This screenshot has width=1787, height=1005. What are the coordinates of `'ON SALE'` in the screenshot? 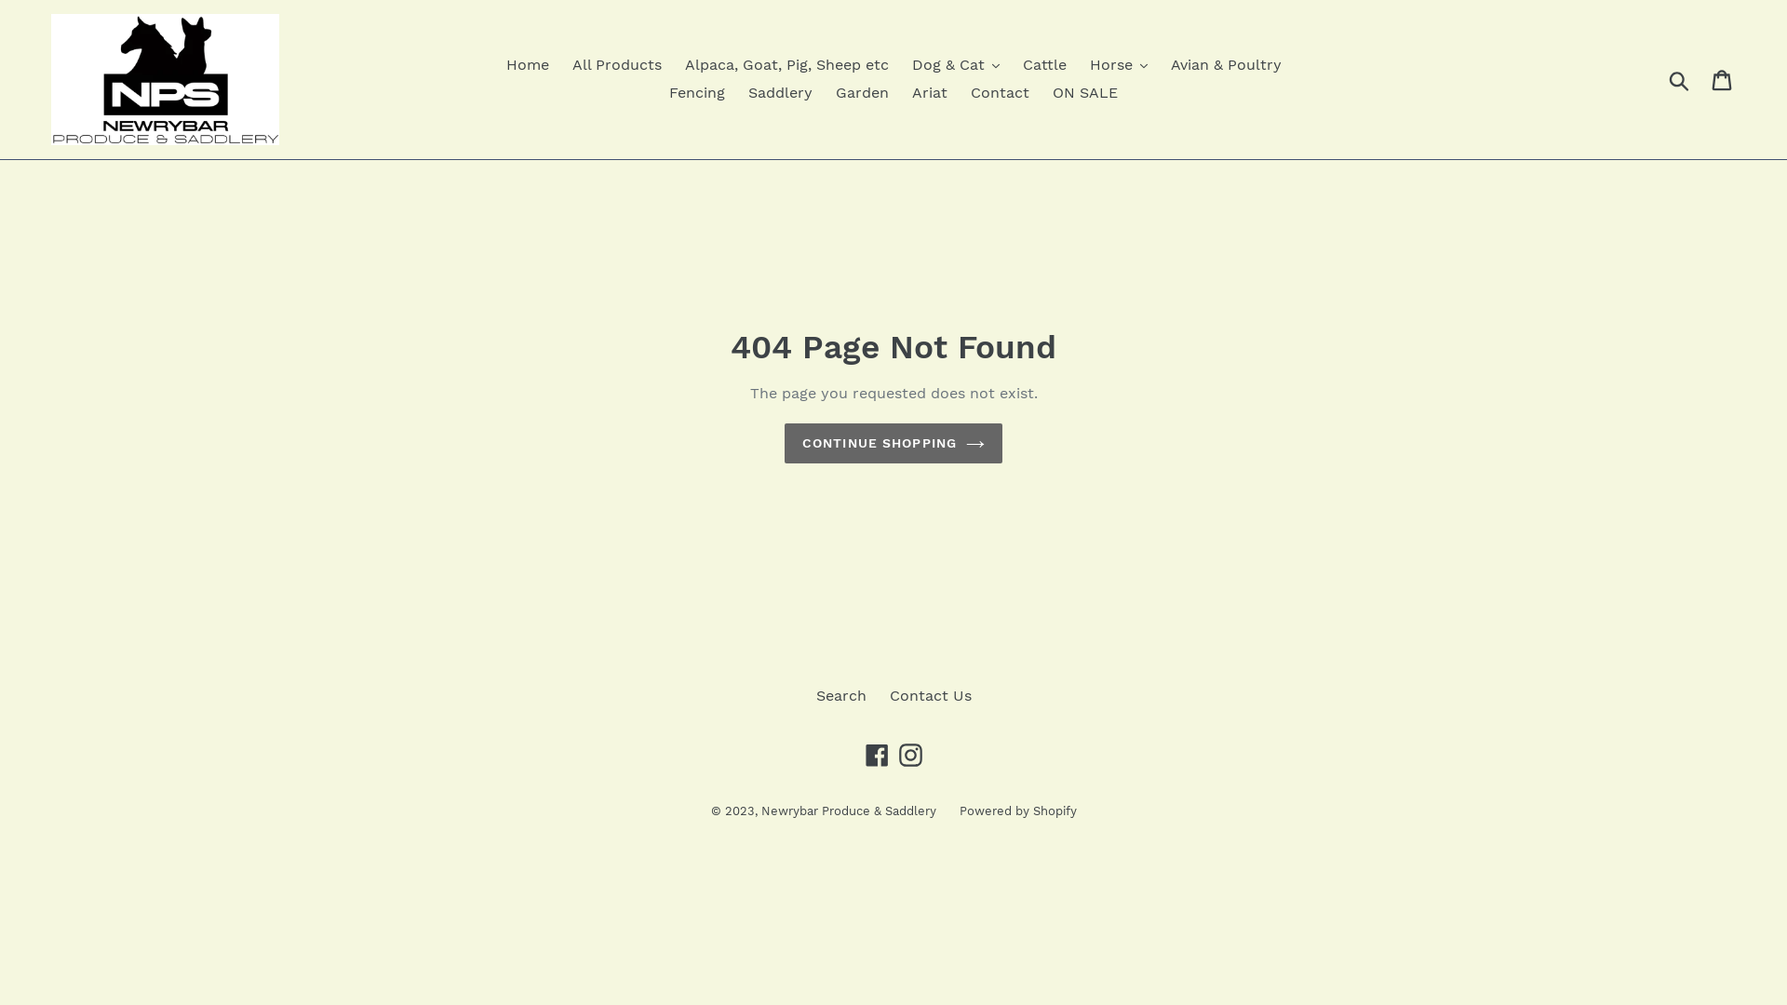 It's located at (1085, 93).